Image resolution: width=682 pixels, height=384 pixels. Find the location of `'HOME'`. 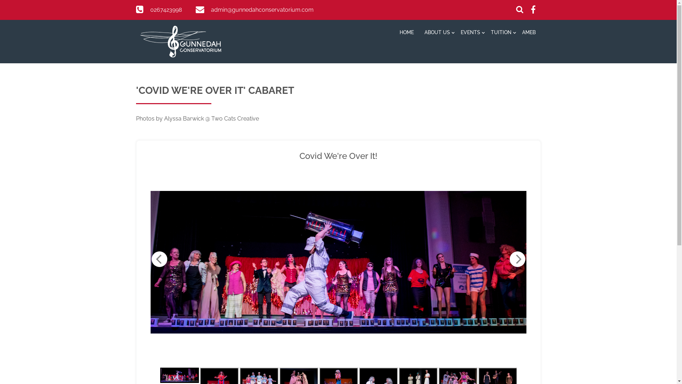

'HOME' is located at coordinates (407, 33).